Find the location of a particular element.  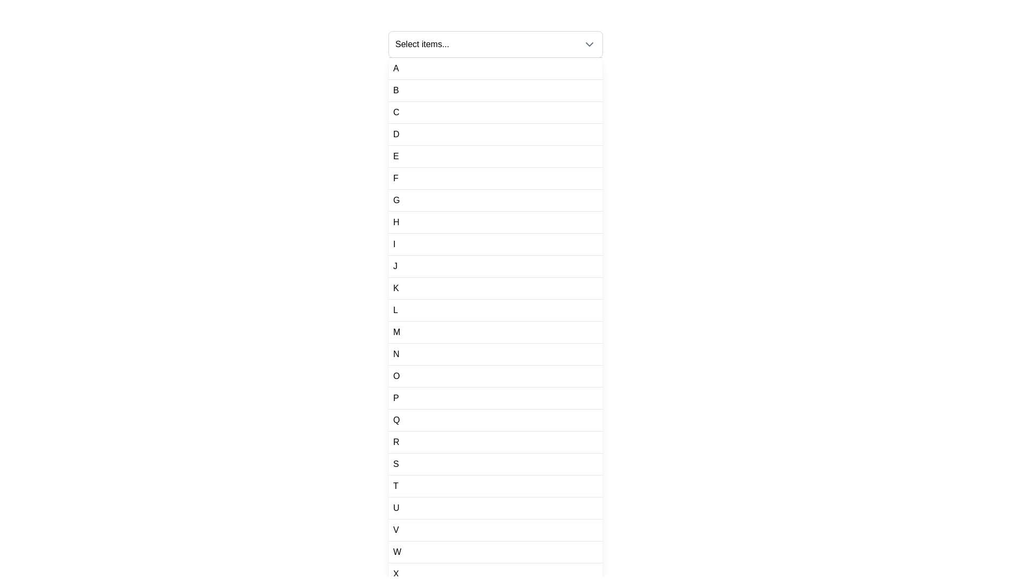

the ninth entry in the dropdown menu list is located at coordinates (495, 244).